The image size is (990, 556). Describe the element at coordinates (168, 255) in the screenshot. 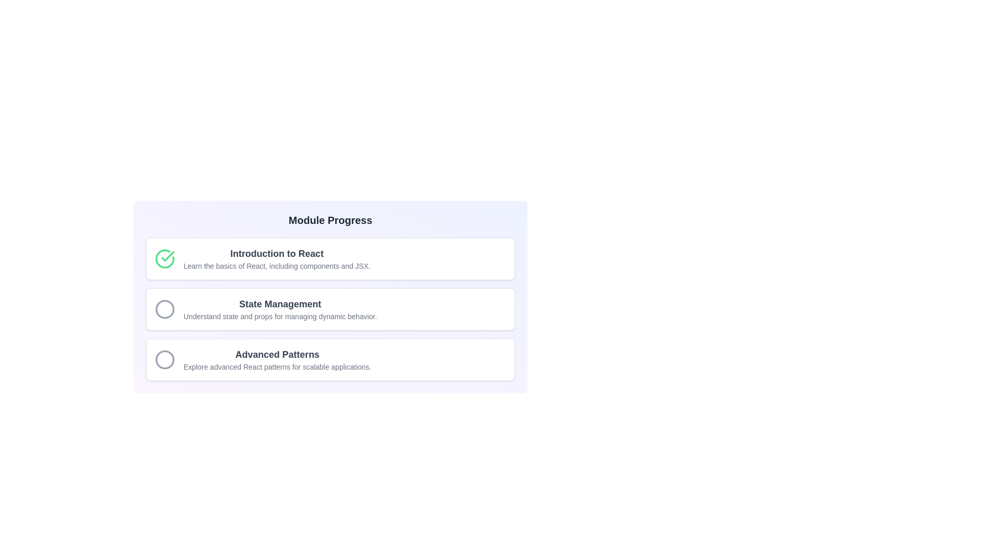

I see `the tick mark icon that indicates the completion of the 'Introduction to React' module in the 'Module Progress' list` at that location.